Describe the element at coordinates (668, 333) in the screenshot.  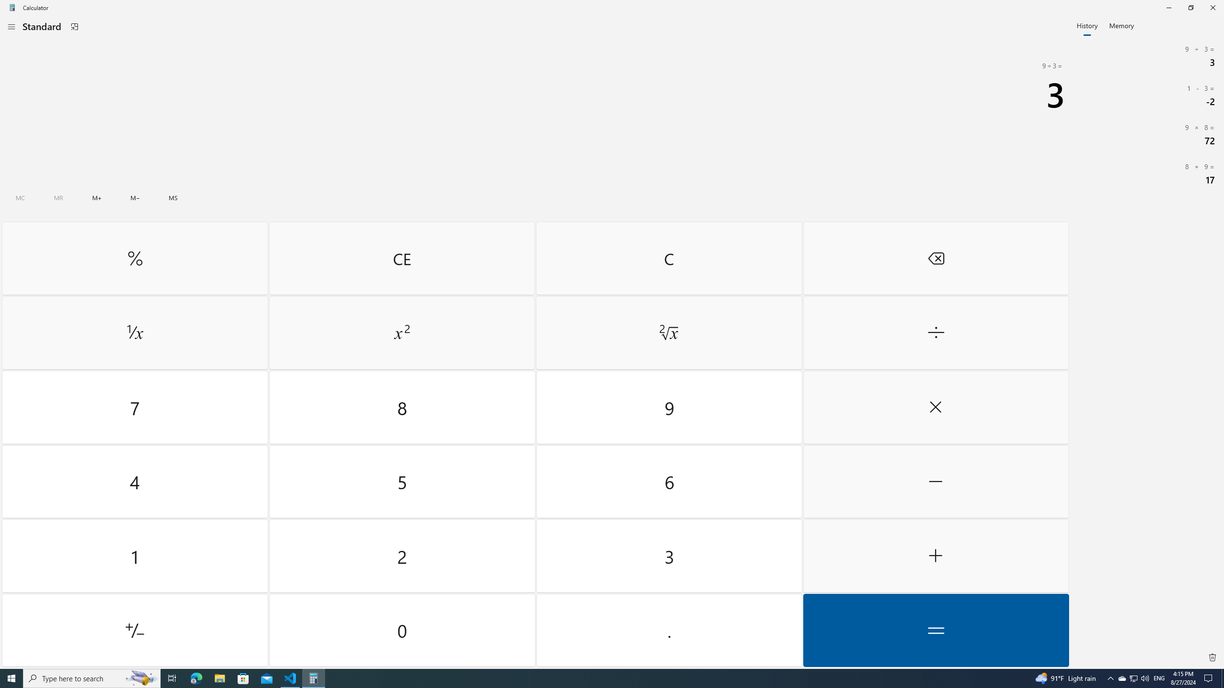
I see `'Square root'` at that location.